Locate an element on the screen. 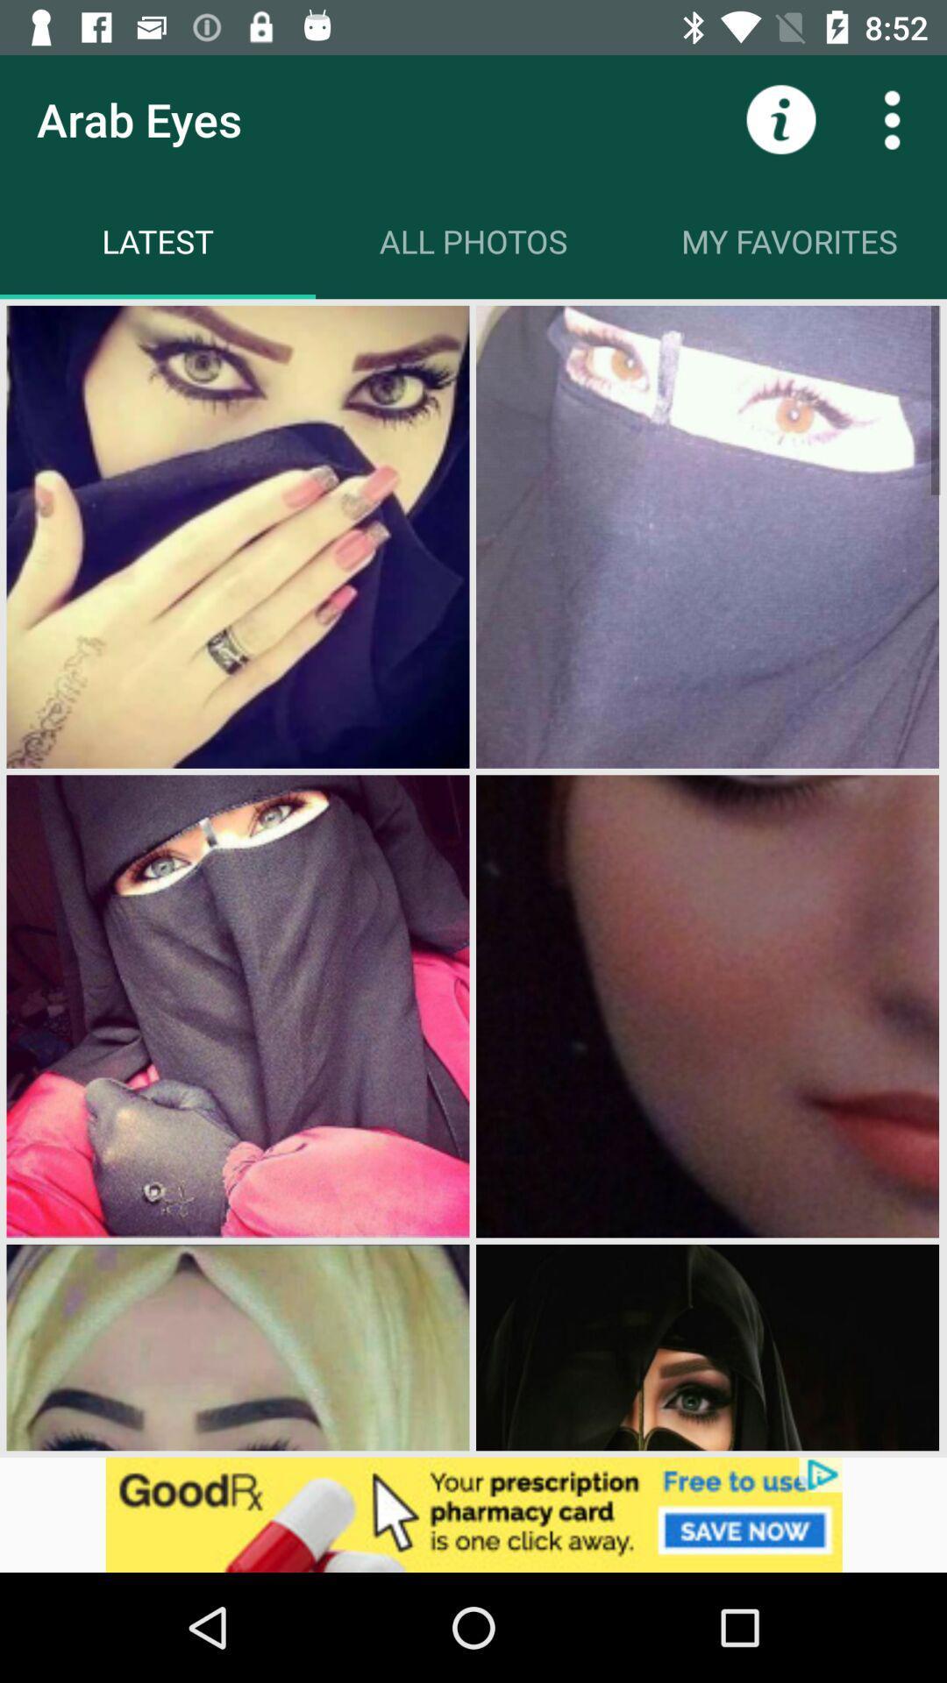 This screenshot has width=947, height=1683. advertising pop up banner is located at coordinates (473, 1514).